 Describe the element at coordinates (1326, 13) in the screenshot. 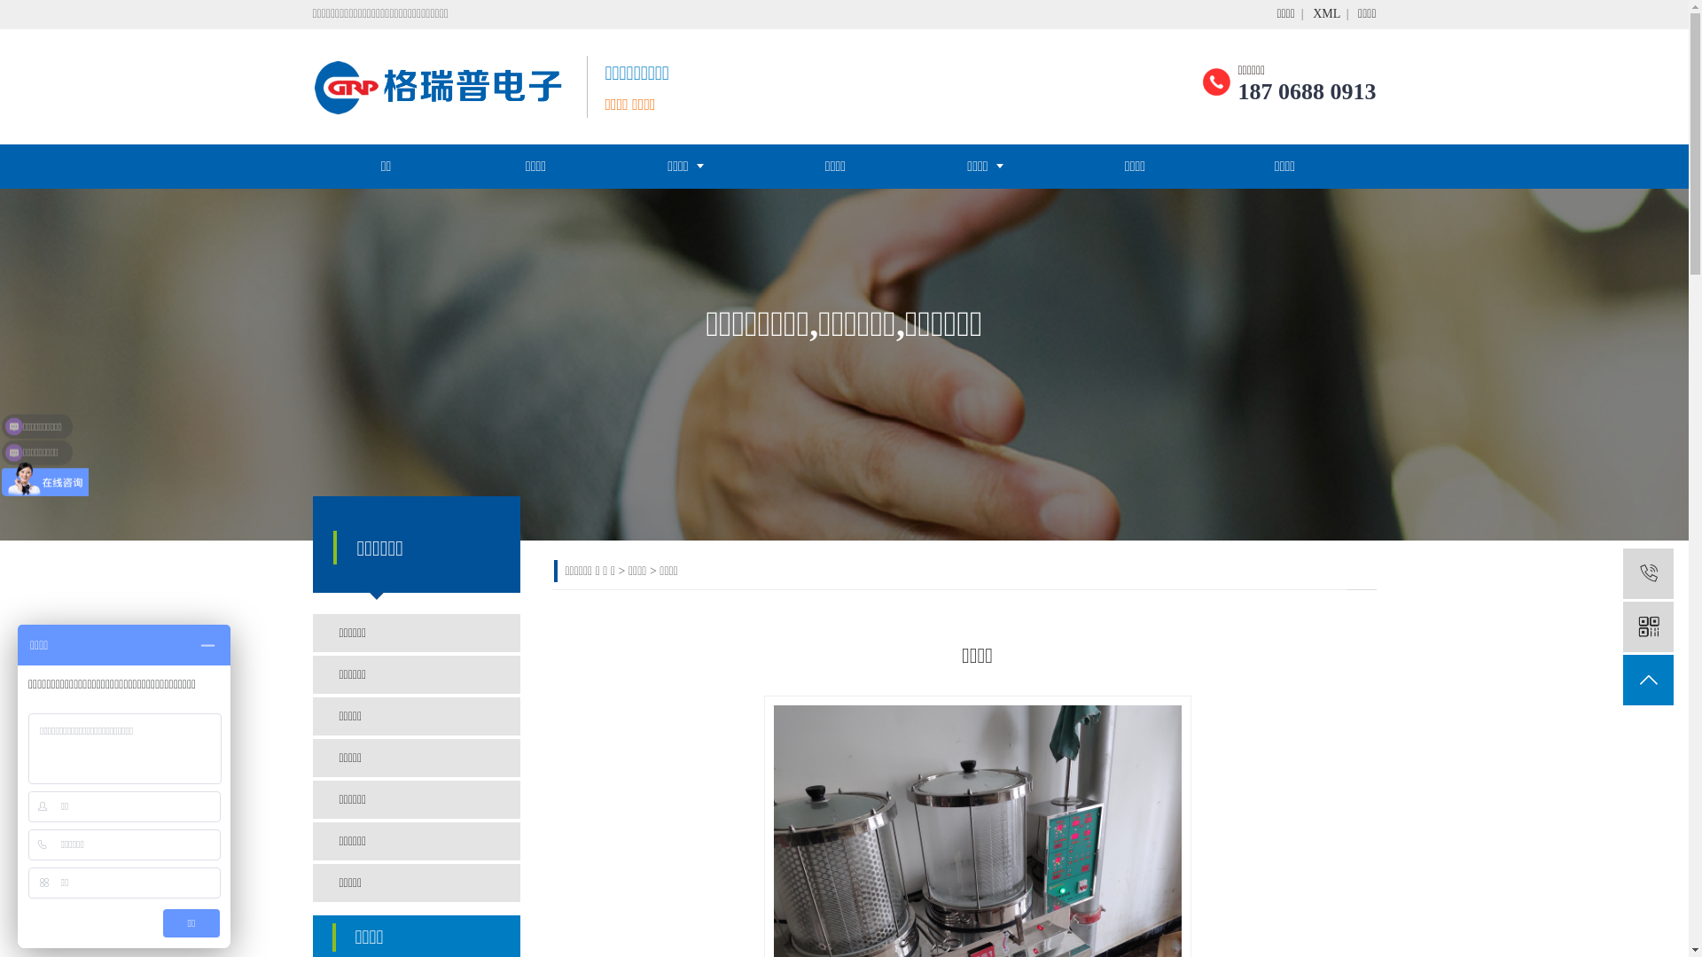

I see `'XML'` at that location.